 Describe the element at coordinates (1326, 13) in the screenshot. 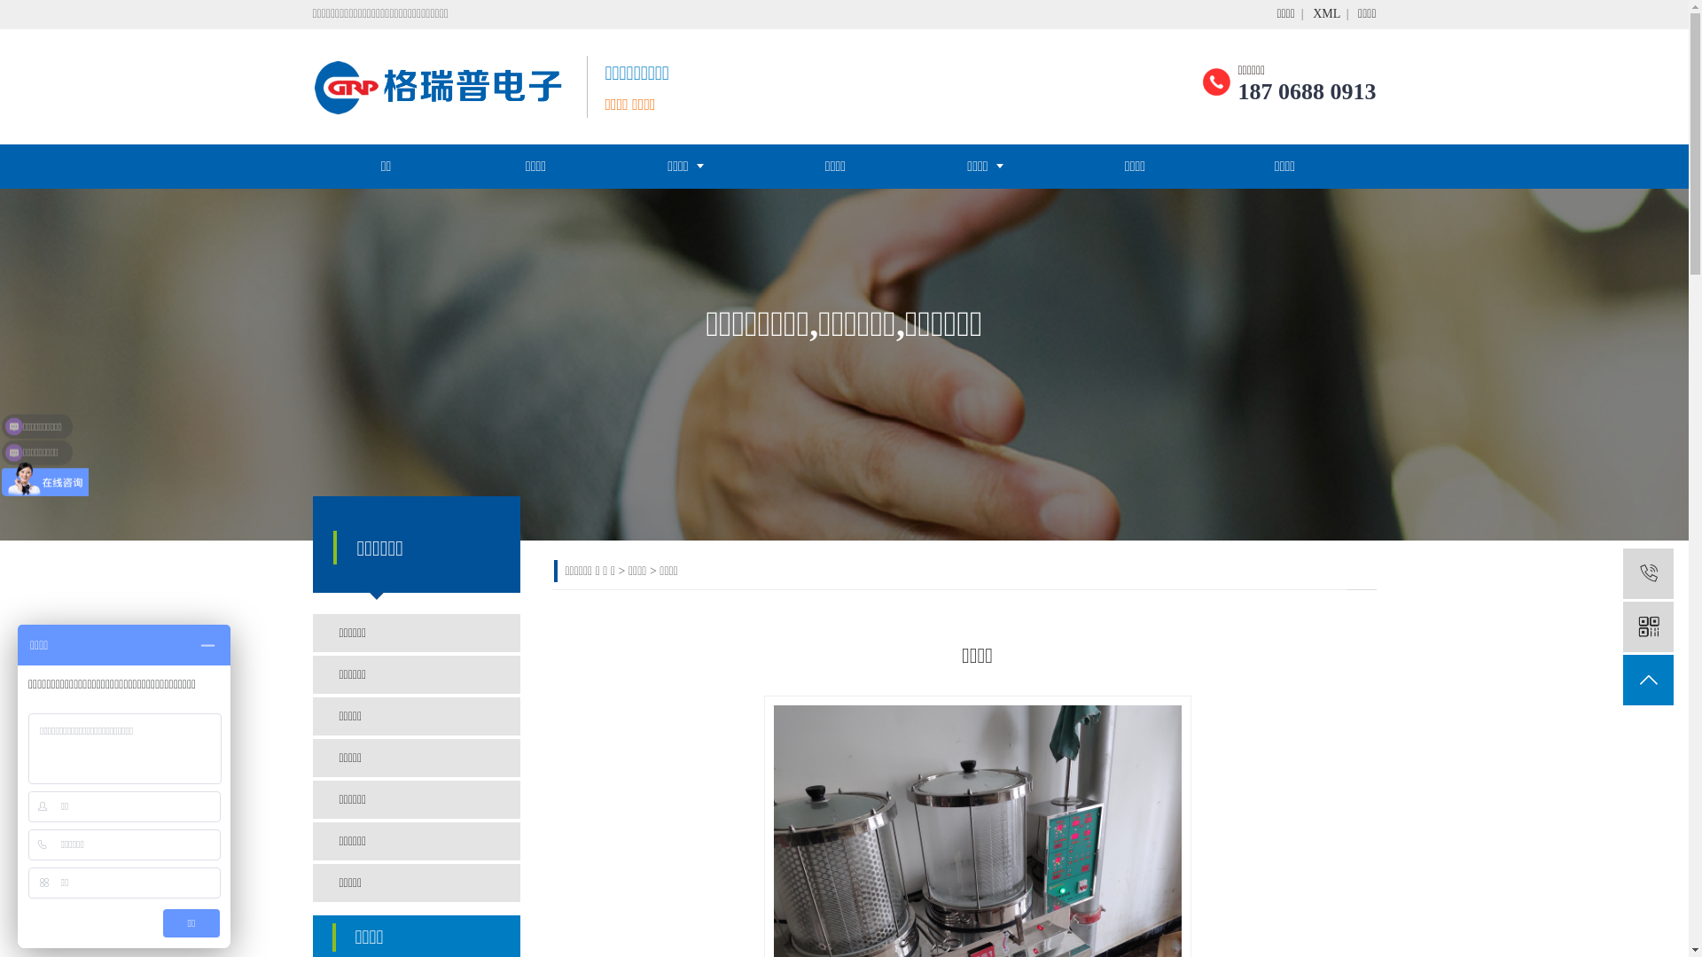

I see `'XML'` at that location.